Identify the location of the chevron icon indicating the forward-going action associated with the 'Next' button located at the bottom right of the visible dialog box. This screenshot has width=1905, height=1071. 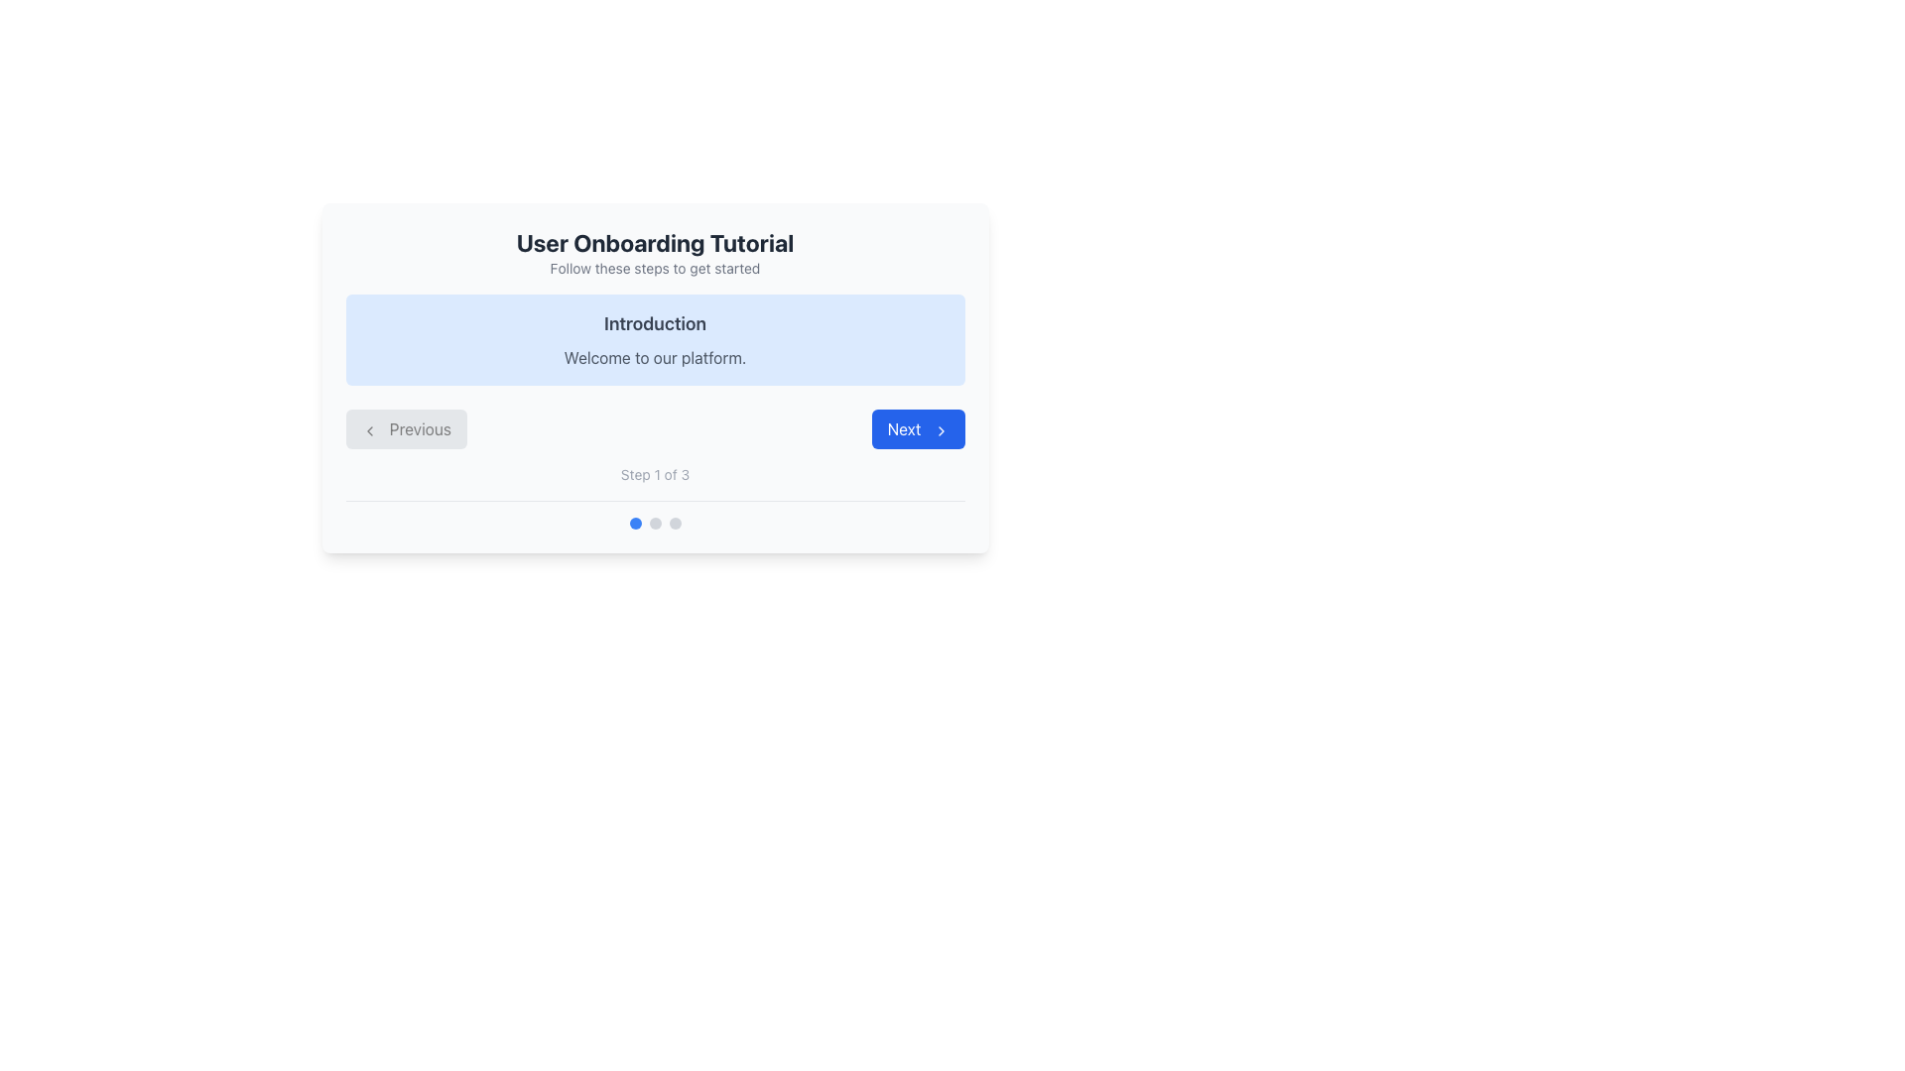
(940, 429).